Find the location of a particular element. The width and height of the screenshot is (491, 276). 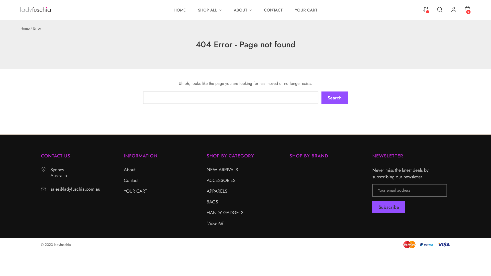

'Compare' is located at coordinates (426, 9).